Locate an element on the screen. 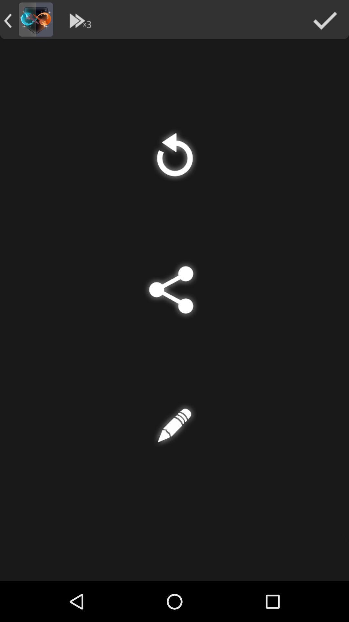  the refresh icon is located at coordinates (174, 166).